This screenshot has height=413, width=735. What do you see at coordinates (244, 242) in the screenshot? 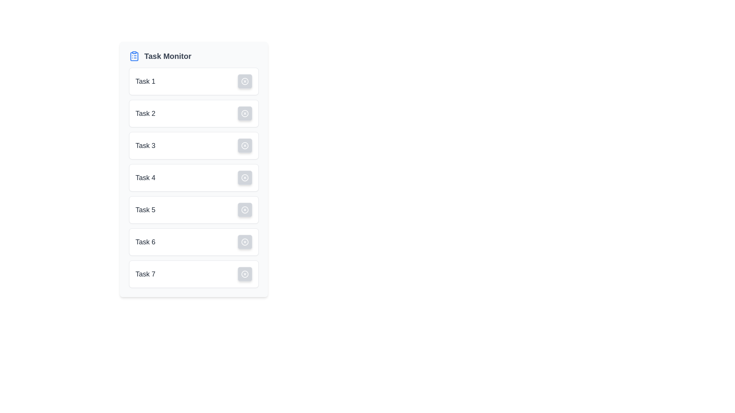
I see `the centered icon` at bounding box center [244, 242].